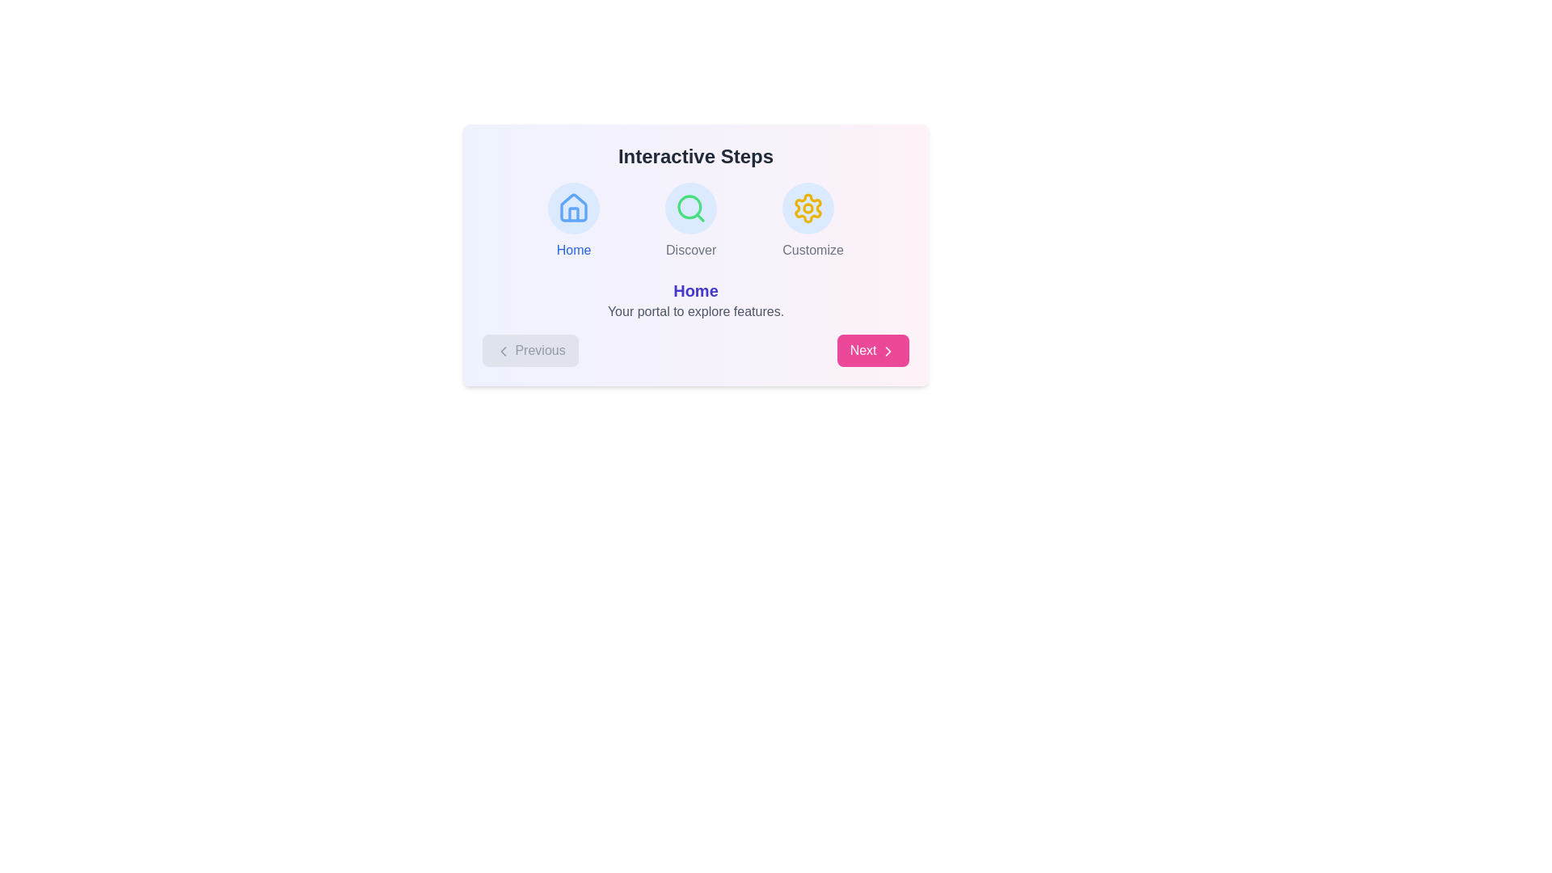 The image size is (1552, 873). Describe the element at coordinates (888, 350) in the screenshot. I see `the right-pointing chevron arrow icon within the pink 'Next' button located at the bottom right corner of the dialog` at that location.